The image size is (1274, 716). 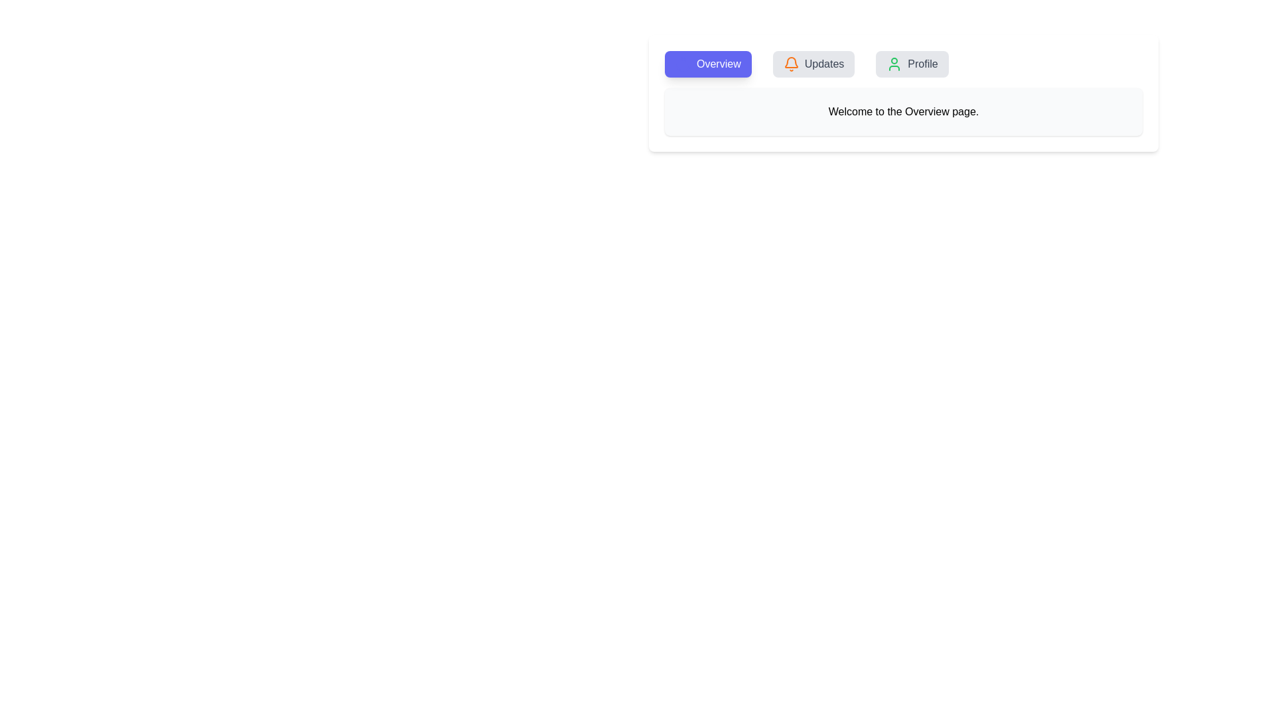 What do you see at coordinates (813, 64) in the screenshot?
I see `the Updates tab by clicking on it` at bounding box center [813, 64].